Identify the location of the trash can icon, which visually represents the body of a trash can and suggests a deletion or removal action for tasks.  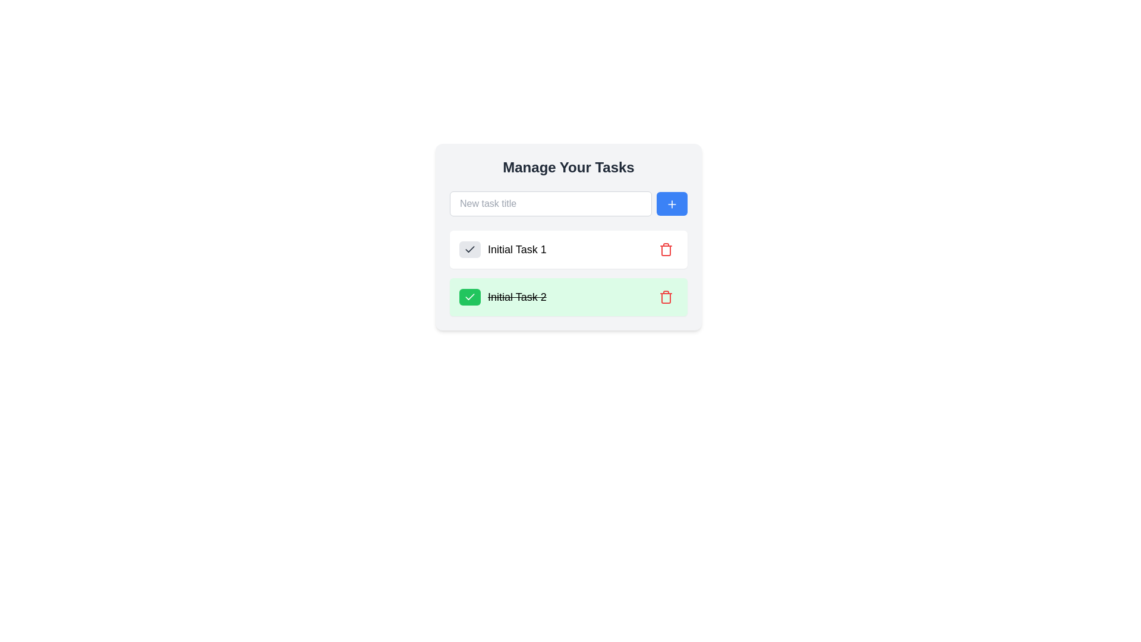
(666, 297).